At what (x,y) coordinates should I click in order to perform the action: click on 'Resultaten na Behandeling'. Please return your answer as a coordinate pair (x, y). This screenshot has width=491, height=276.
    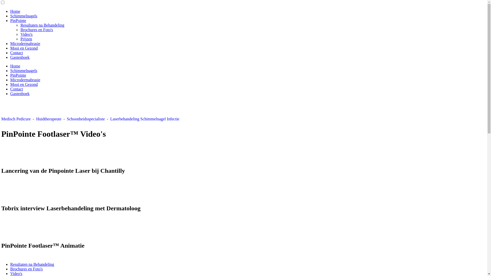
    Looking at the image, I should click on (42, 25).